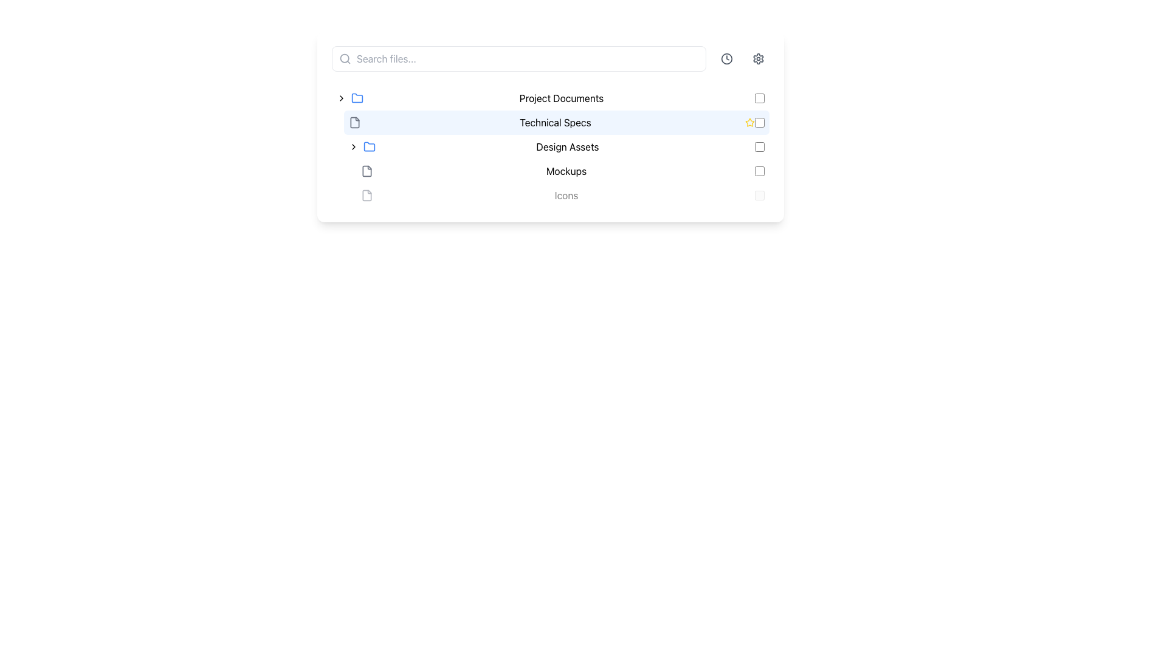 The width and height of the screenshot is (1167, 656). Describe the element at coordinates (357, 97) in the screenshot. I see `the folder icon located in the 'Design Assets' row of the file browsing UI, which is the first icon in that row` at that location.